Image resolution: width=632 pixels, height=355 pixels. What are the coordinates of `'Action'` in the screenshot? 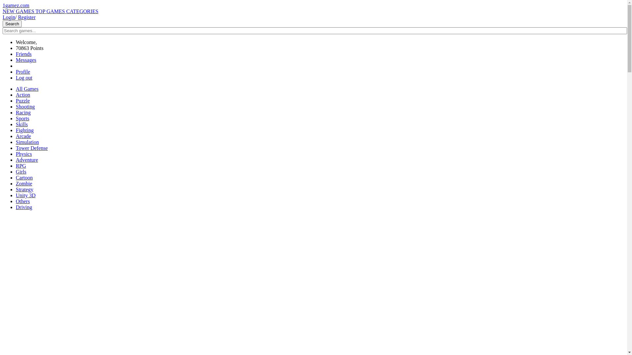 It's located at (16, 95).